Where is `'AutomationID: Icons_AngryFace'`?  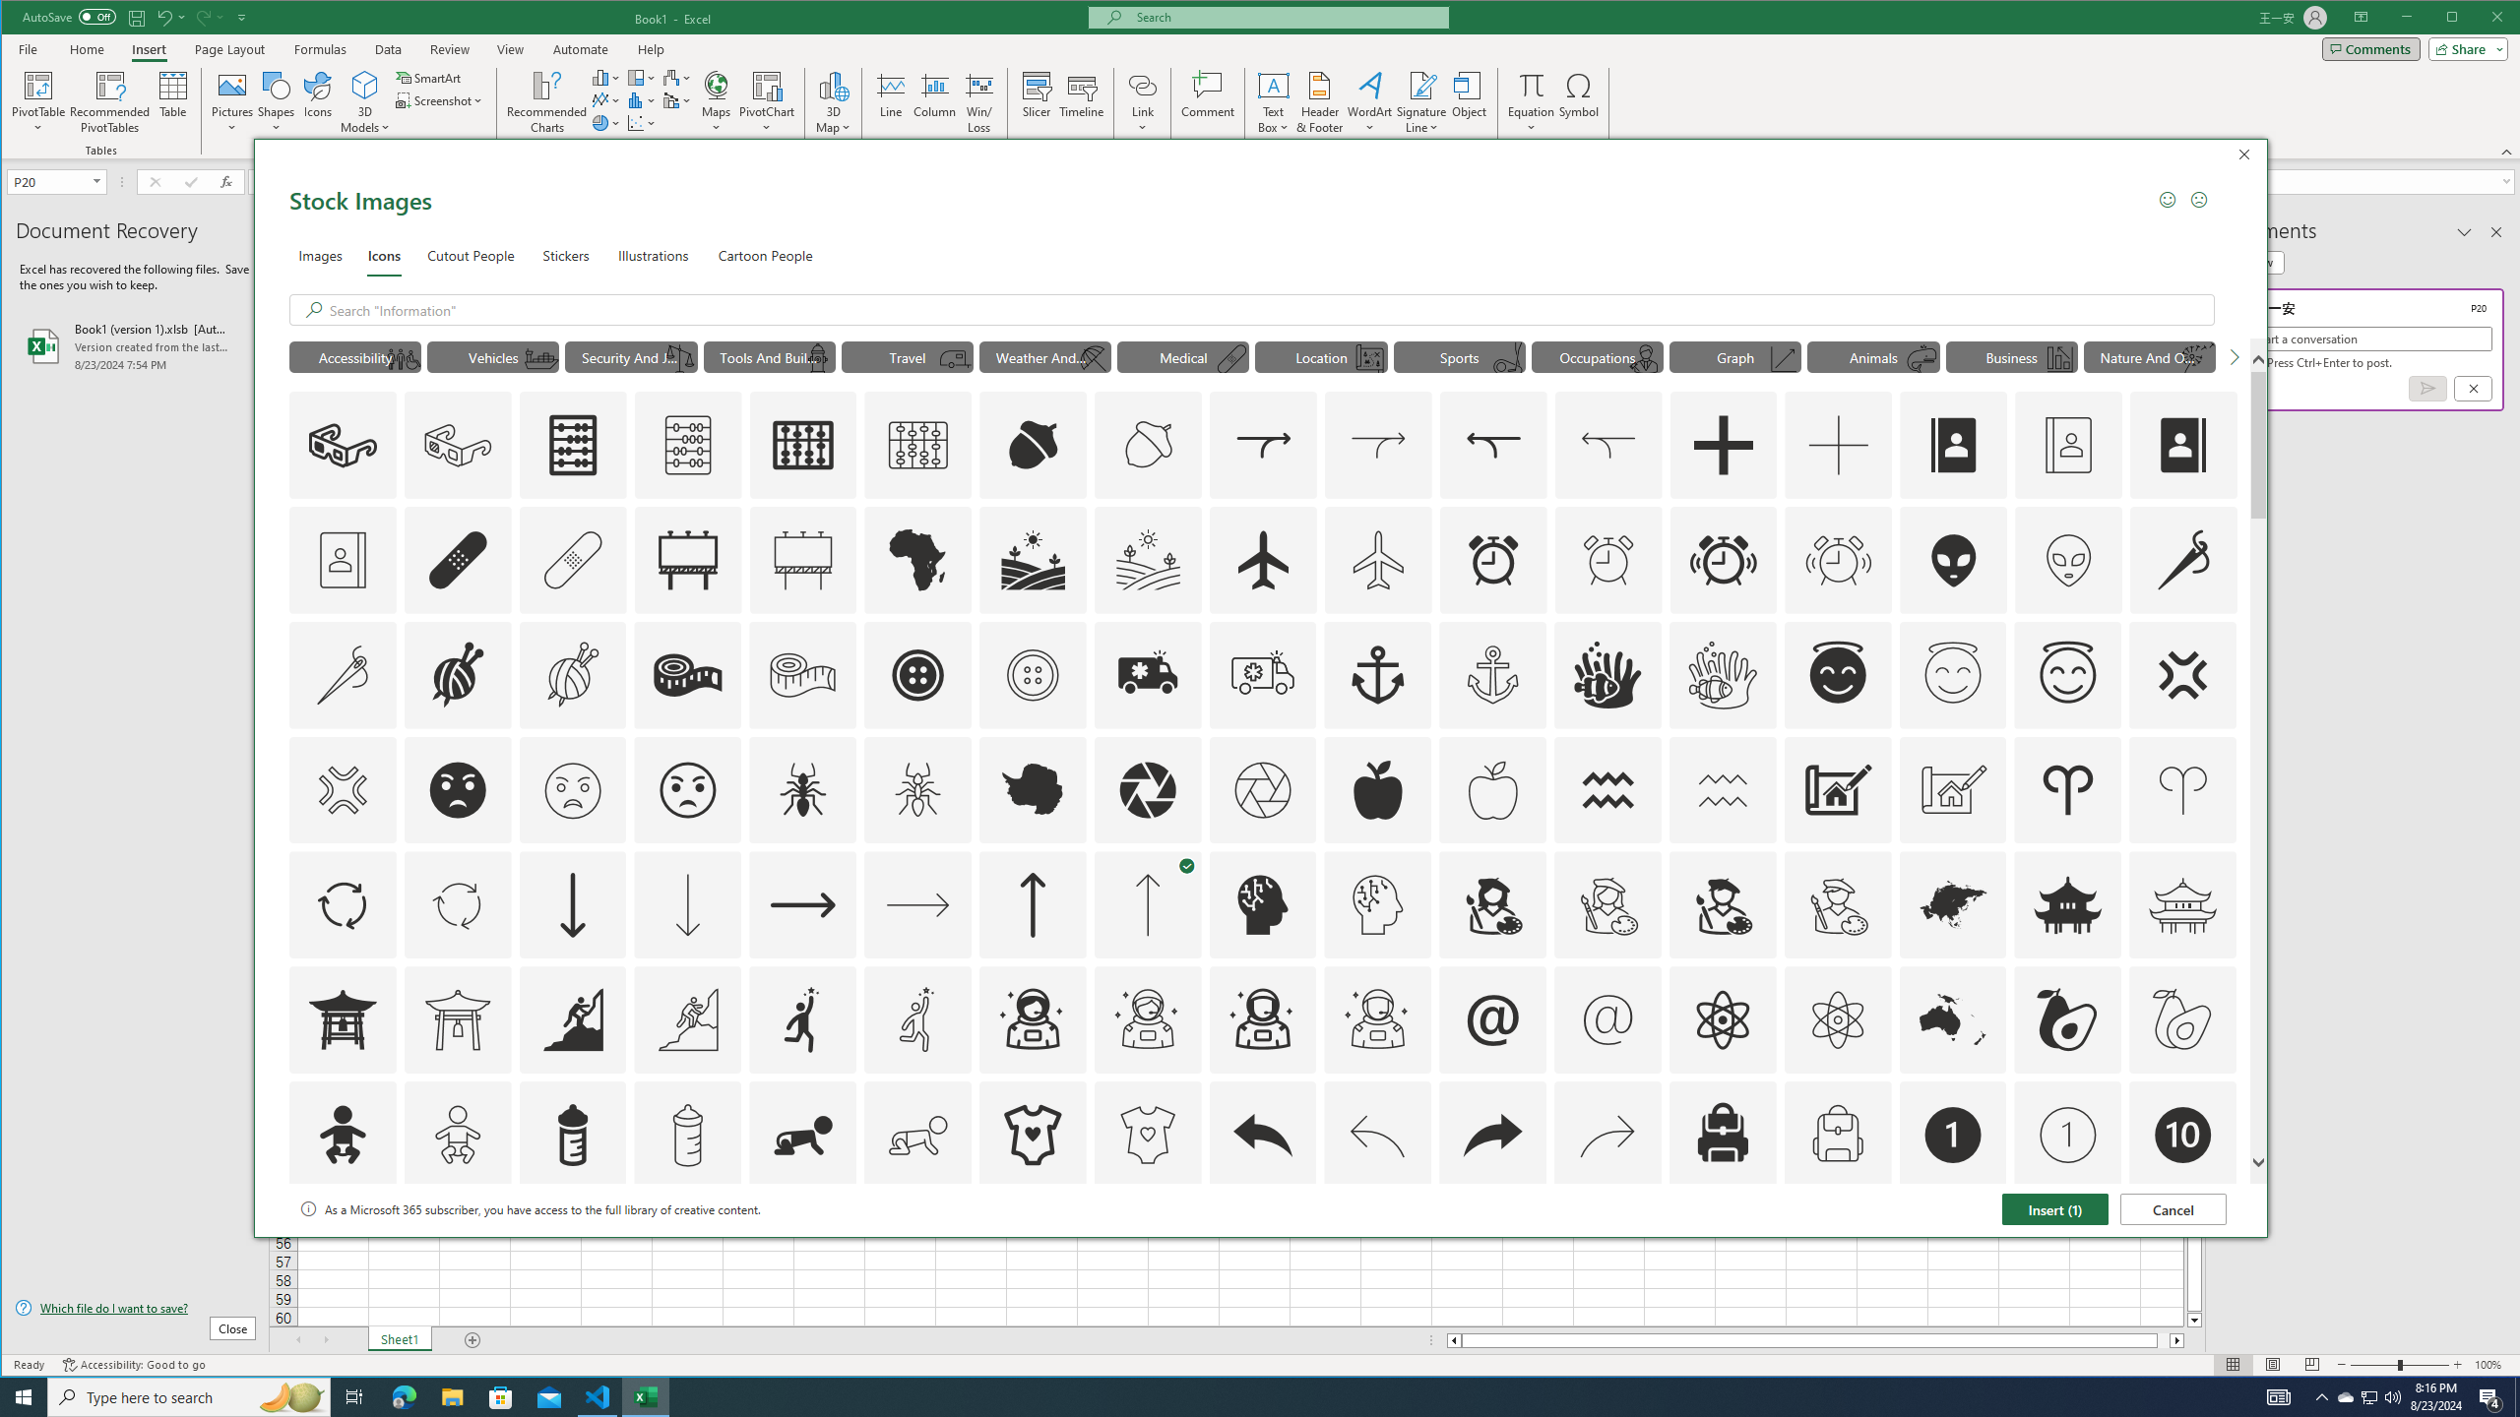 'AutomationID: Icons_AngryFace' is located at coordinates (457, 790).